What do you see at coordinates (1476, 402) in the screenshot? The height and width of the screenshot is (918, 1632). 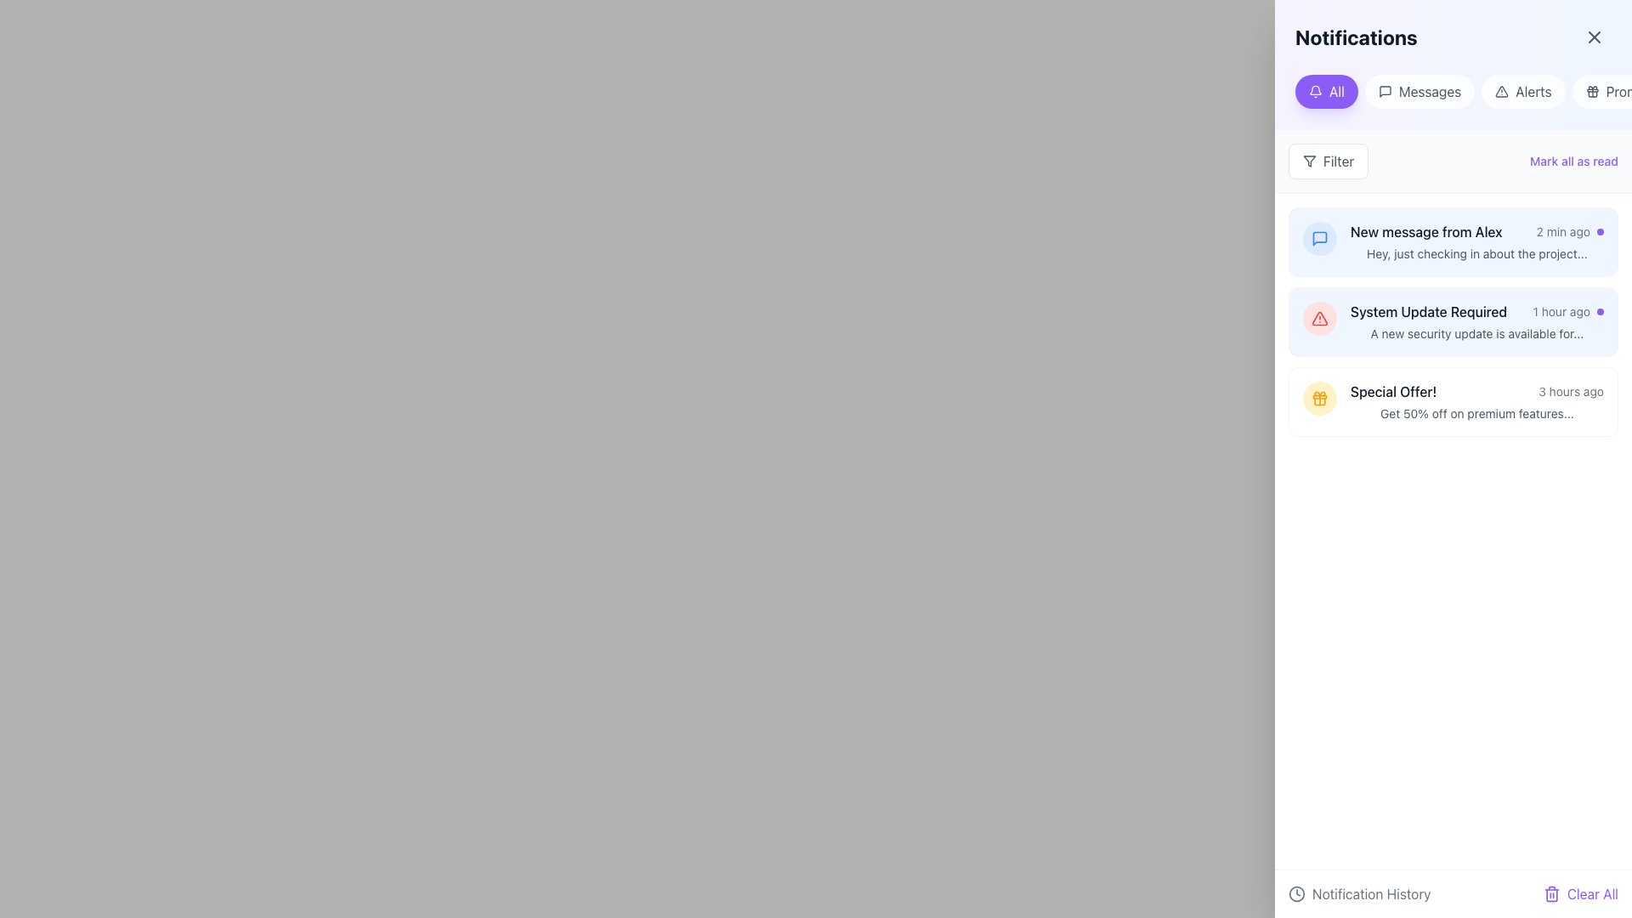 I see `the Notification item` at bounding box center [1476, 402].